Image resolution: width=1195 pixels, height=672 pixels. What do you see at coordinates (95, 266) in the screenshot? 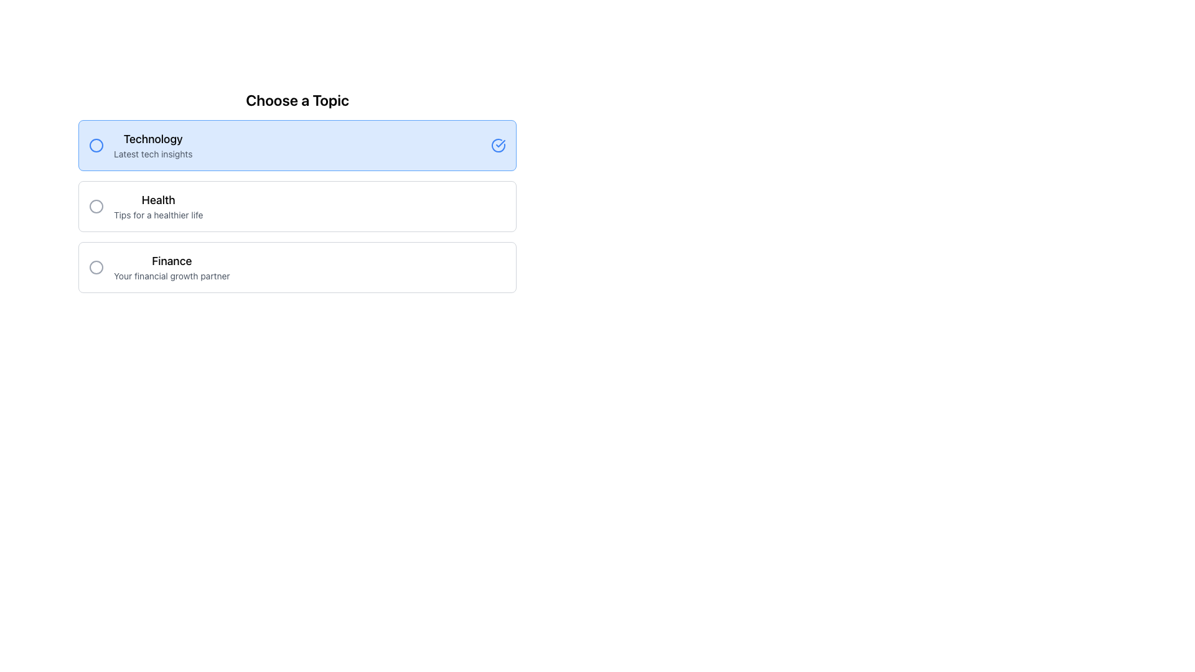
I see `the circular outlined icon button located to the left of the text block labeled 'Finance'` at bounding box center [95, 266].